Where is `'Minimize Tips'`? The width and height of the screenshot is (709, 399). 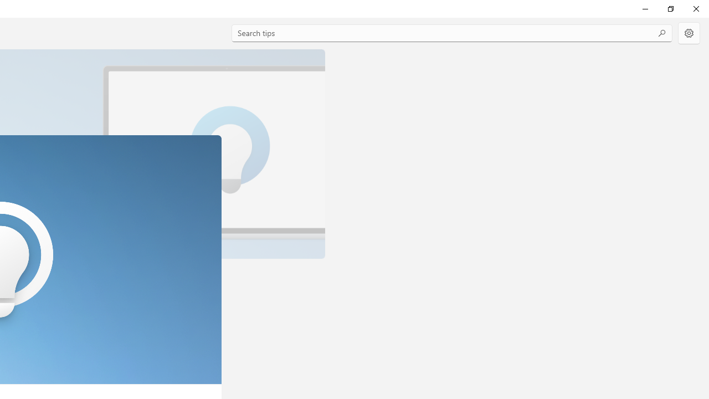
'Minimize Tips' is located at coordinates (645, 8).